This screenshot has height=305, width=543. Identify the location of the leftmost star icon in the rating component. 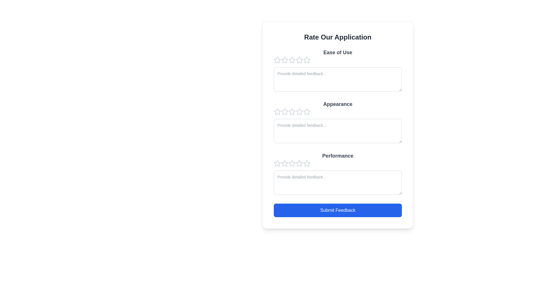
(277, 60).